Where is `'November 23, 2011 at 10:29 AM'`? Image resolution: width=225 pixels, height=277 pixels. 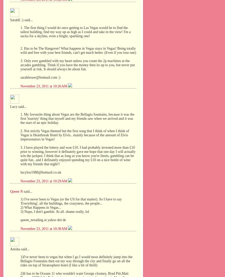 'November 23, 2011 at 10:29 AM' is located at coordinates (44, 181).